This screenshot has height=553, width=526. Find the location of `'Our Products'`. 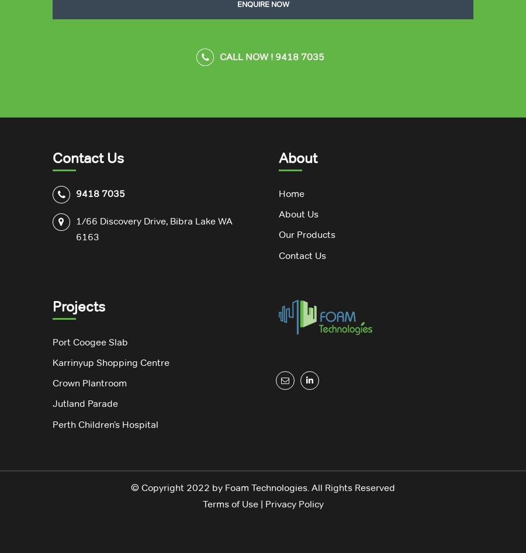

'Our Products' is located at coordinates (278, 234).